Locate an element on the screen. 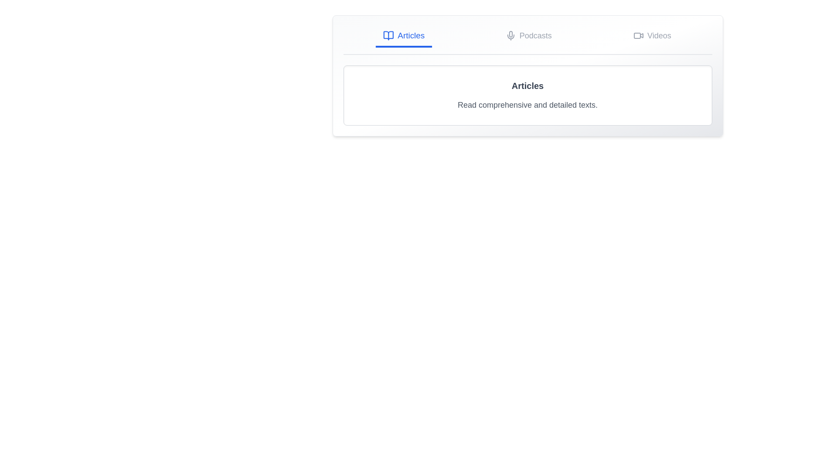  the Articles tab by clicking on its button is located at coordinates (403, 36).